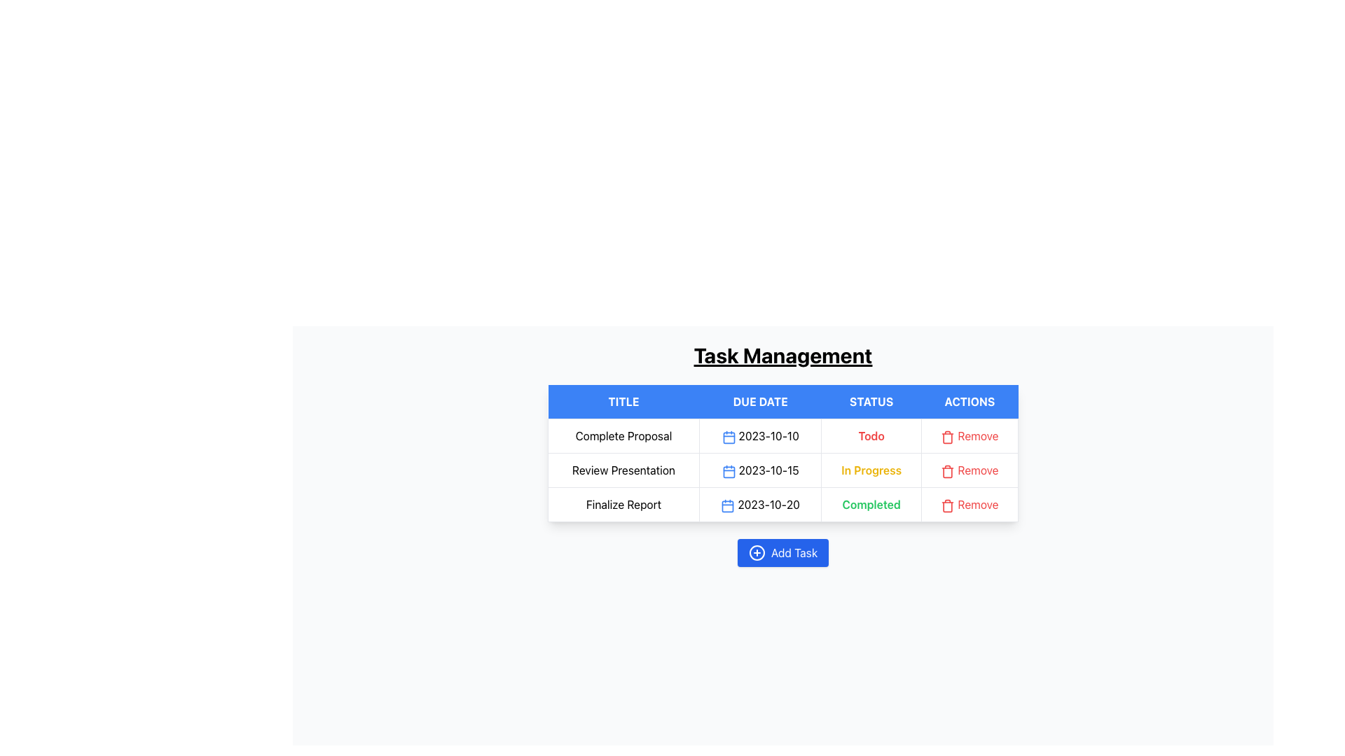 This screenshot has width=1345, height=756. What do you see at coordinates (729, 436) in the screenshot?
I see `the inline blue calendar icon located in the 'DUE DATE' column of the first row in the 'Task Management' table, adjacent to the date '2023-10-10' for potential interactions` at bounding box center [729, 436].